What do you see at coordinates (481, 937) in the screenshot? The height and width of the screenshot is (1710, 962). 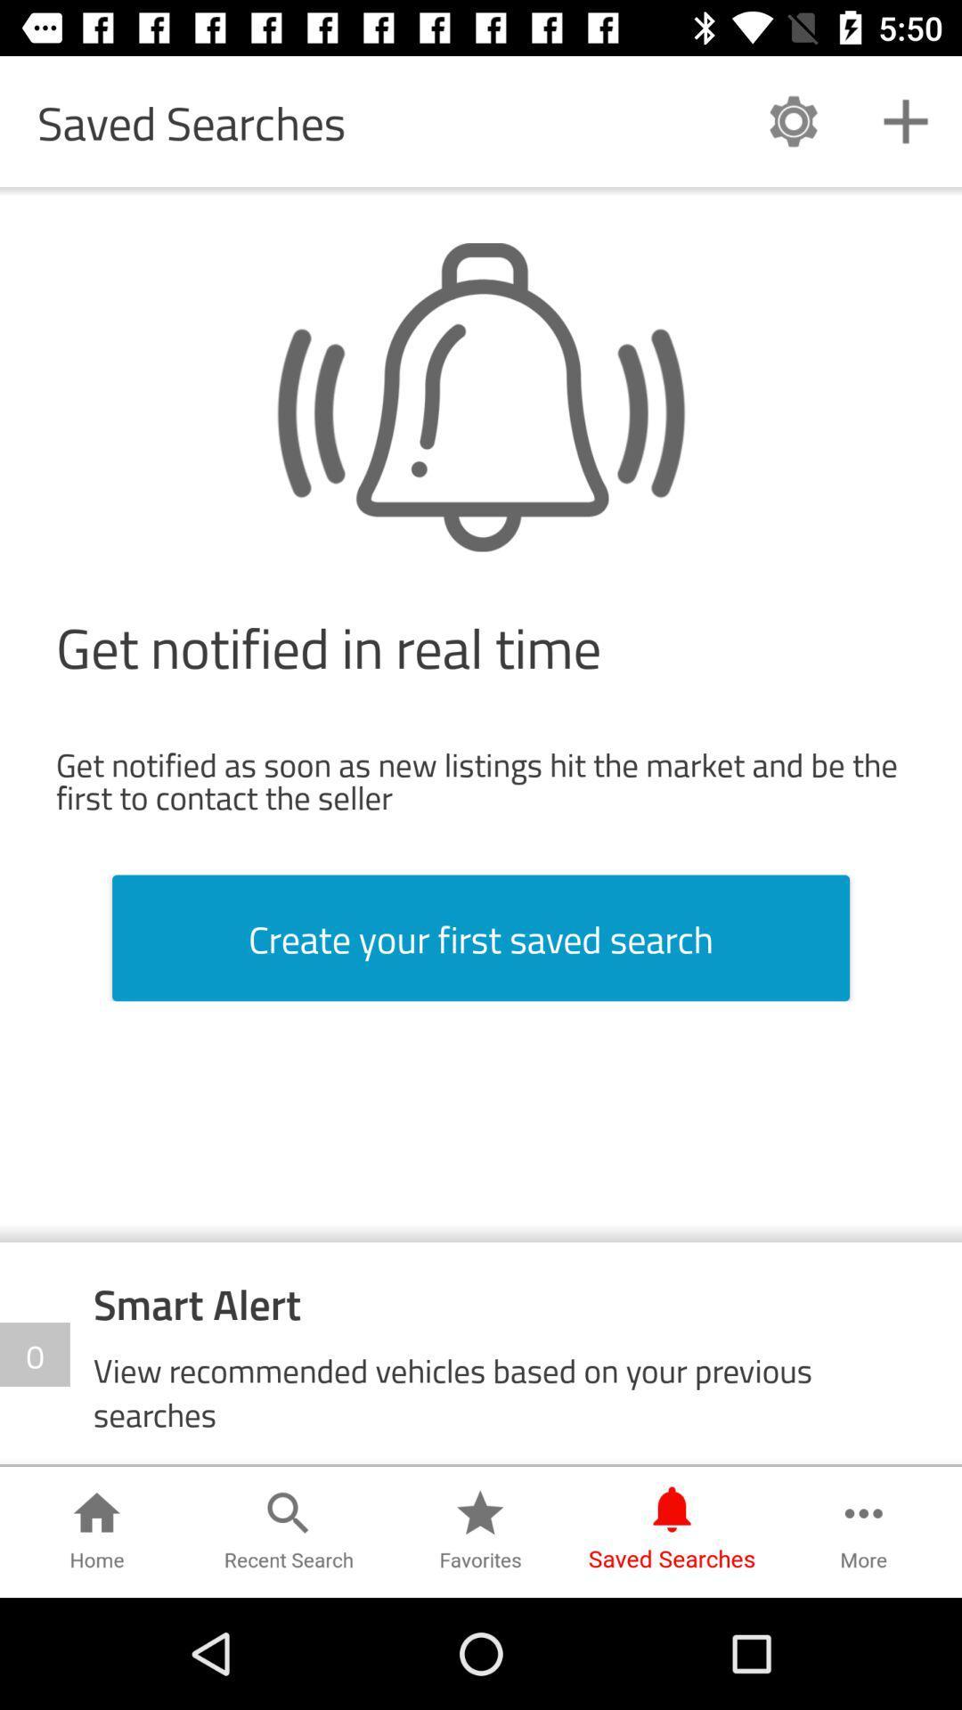 I see `the create your first saved search` at bounding box center [481, 937].